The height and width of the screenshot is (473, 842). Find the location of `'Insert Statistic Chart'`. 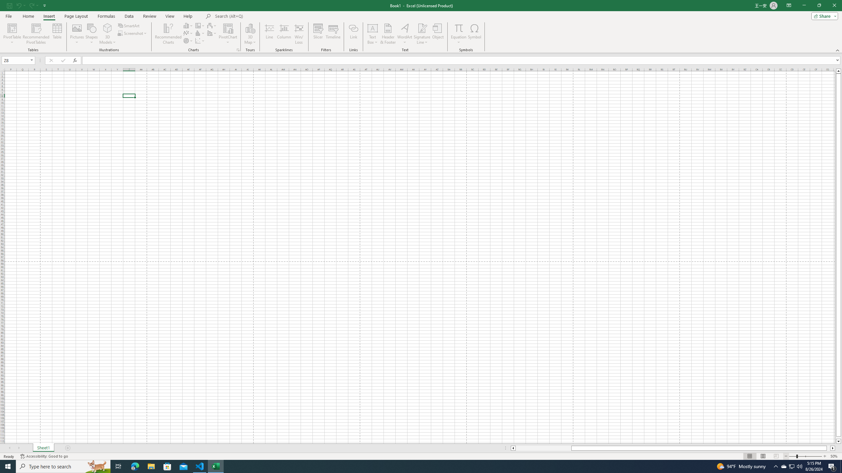

'Insert Statistic Chart' is located at coordinates (200, 33).